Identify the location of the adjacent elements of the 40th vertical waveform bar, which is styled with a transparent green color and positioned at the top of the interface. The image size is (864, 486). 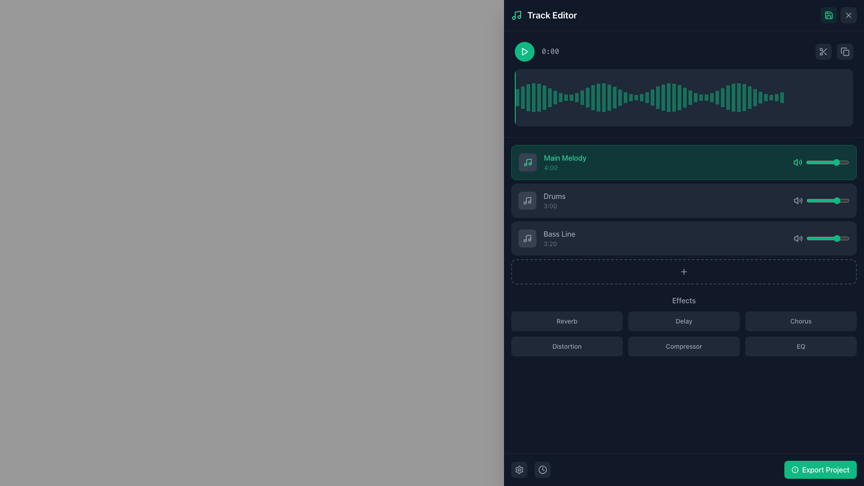
(711, 97).